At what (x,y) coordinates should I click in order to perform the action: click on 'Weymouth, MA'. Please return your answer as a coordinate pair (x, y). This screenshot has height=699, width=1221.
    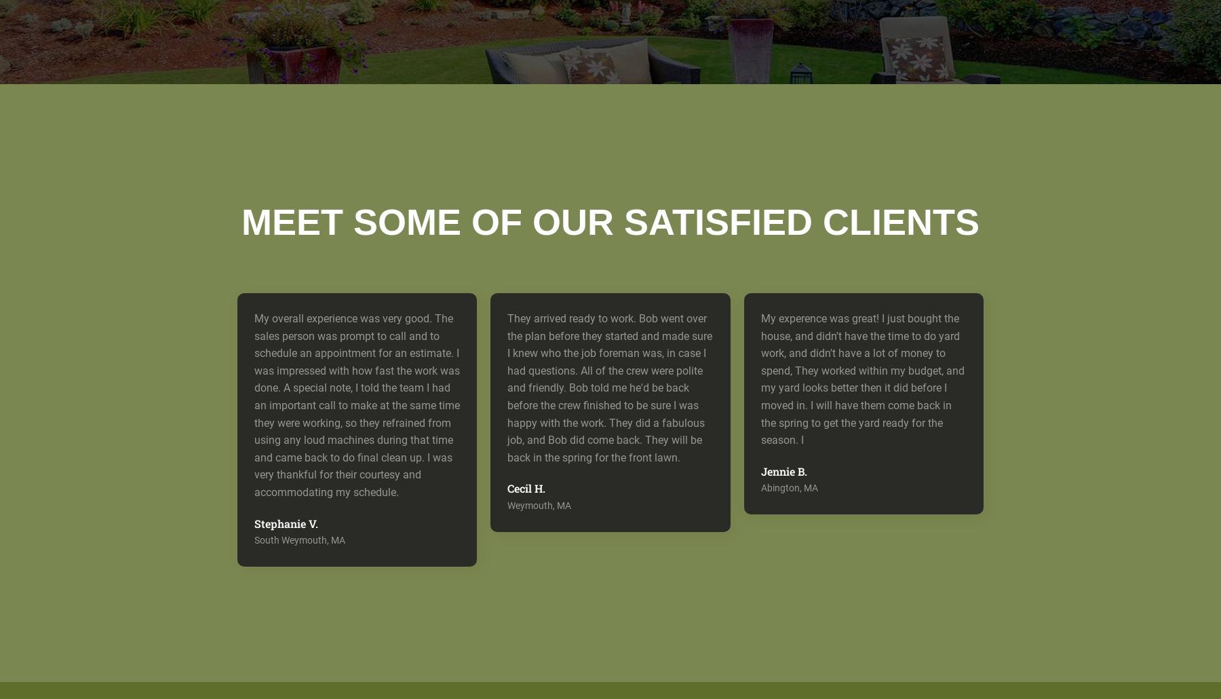
    Looking at the image, I should click on (539, 504).